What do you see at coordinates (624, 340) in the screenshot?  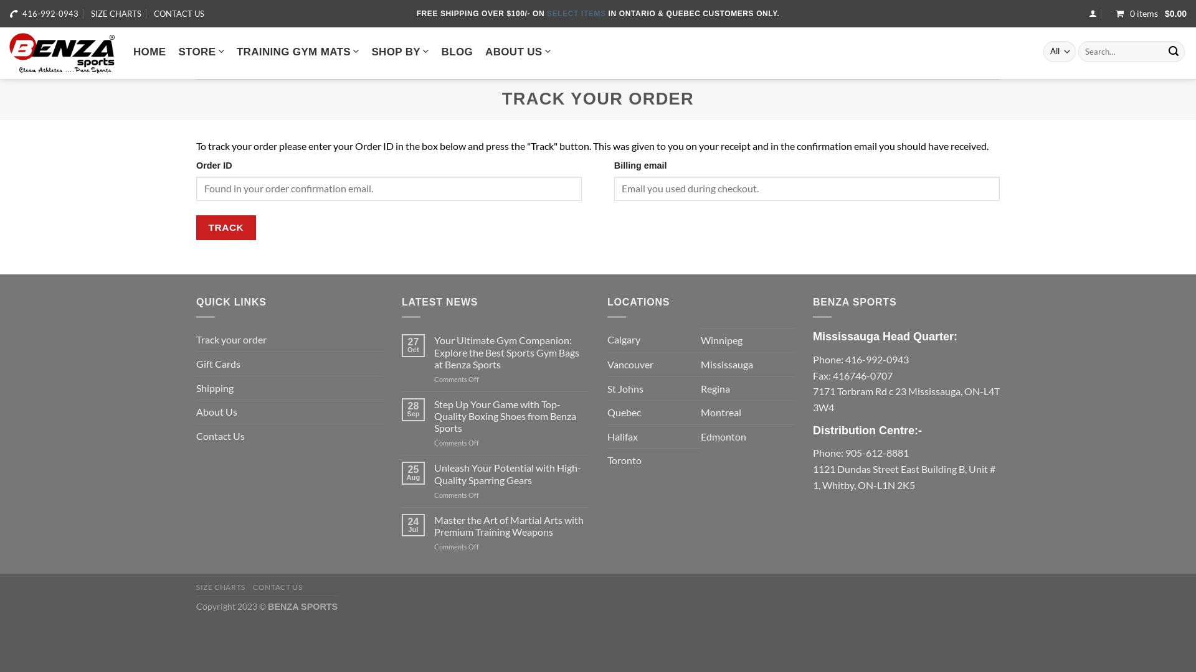 I see `'Calgary'` at bounding box center [624, 340].